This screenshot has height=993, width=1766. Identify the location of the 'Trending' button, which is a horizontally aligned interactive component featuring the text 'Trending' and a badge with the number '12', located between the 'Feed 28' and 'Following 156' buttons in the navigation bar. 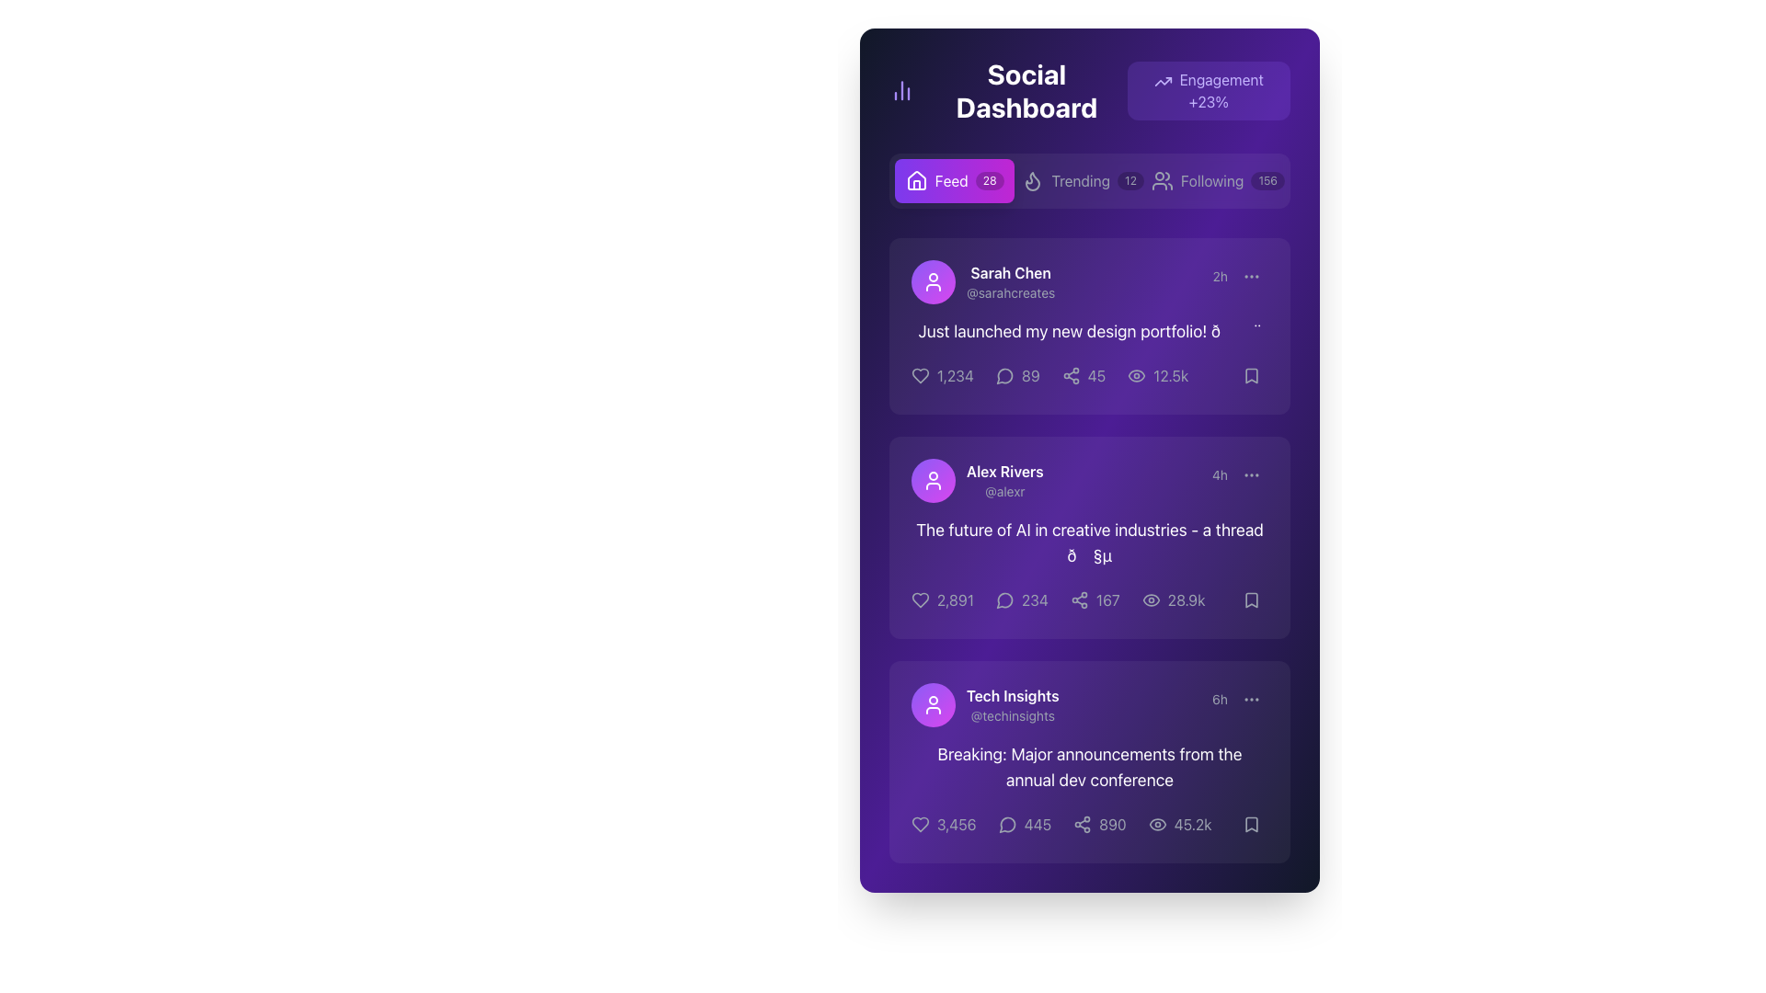
(1083, 180).